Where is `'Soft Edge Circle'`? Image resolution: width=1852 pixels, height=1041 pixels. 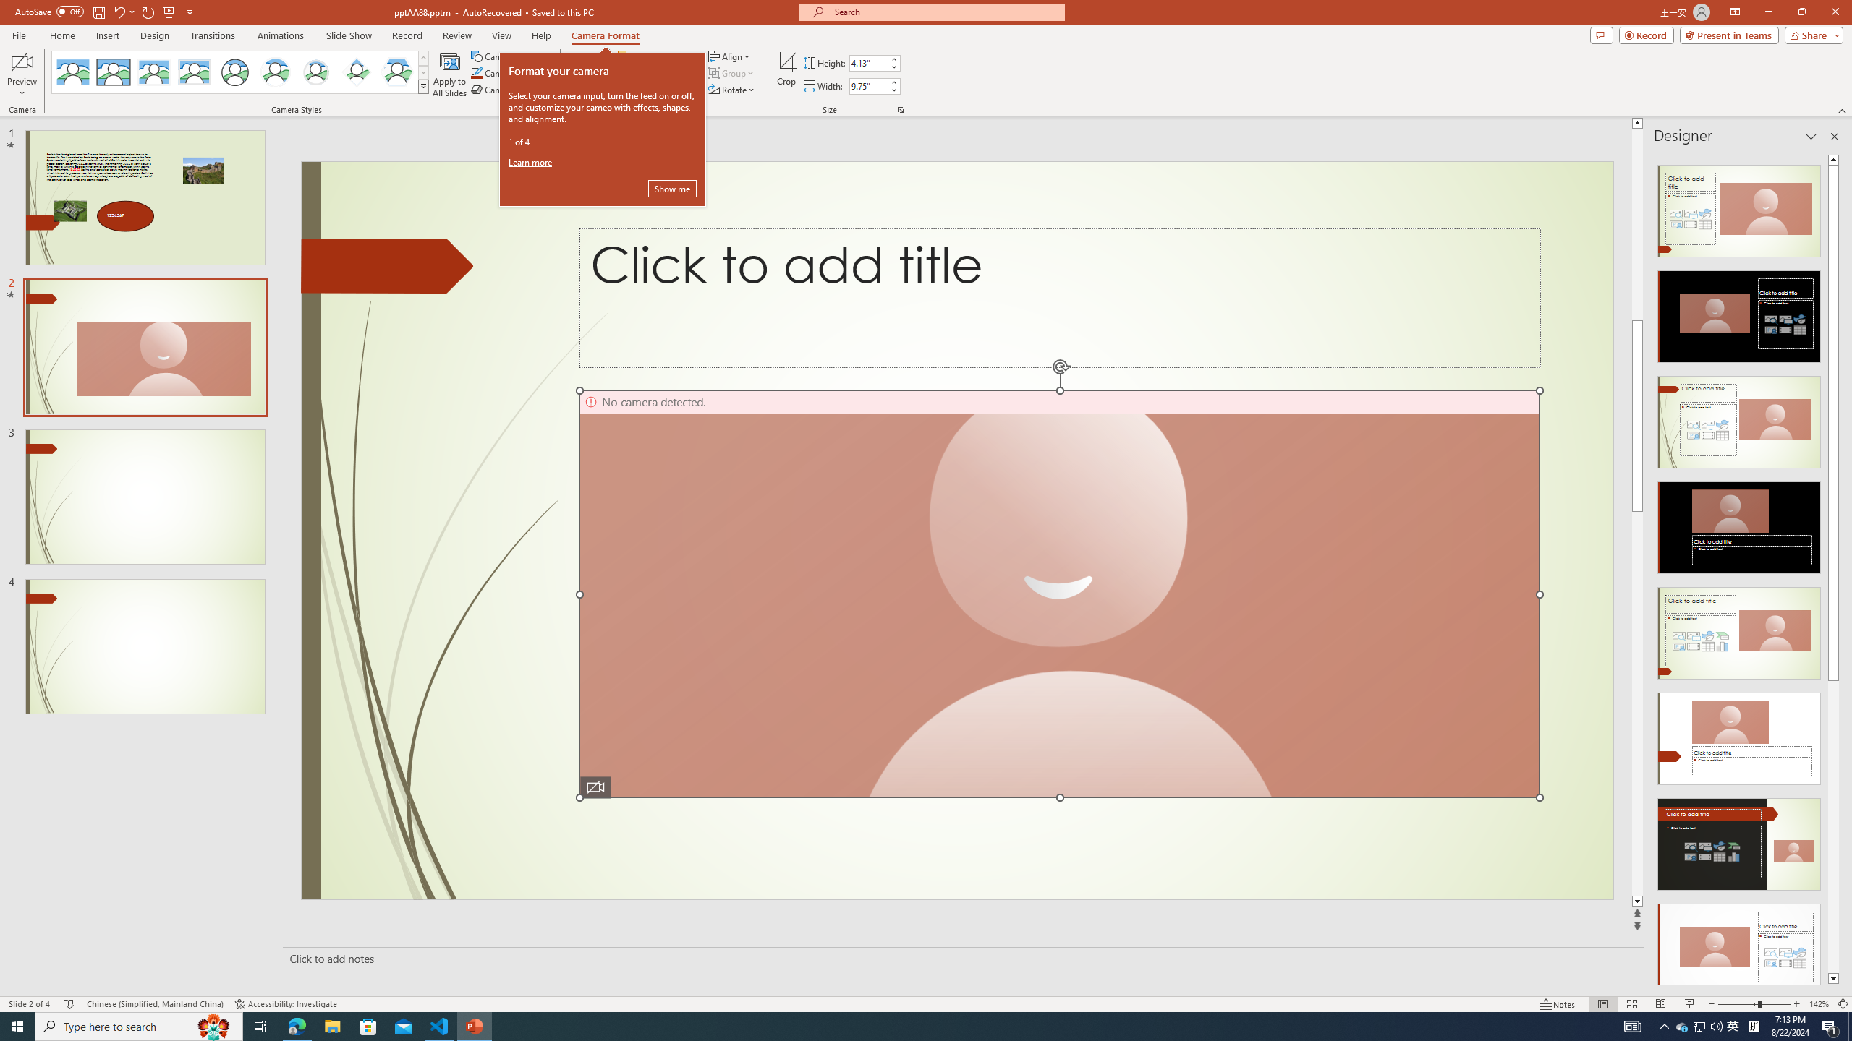
'Soft Edge Circle' is located at coordinates (315, 72).